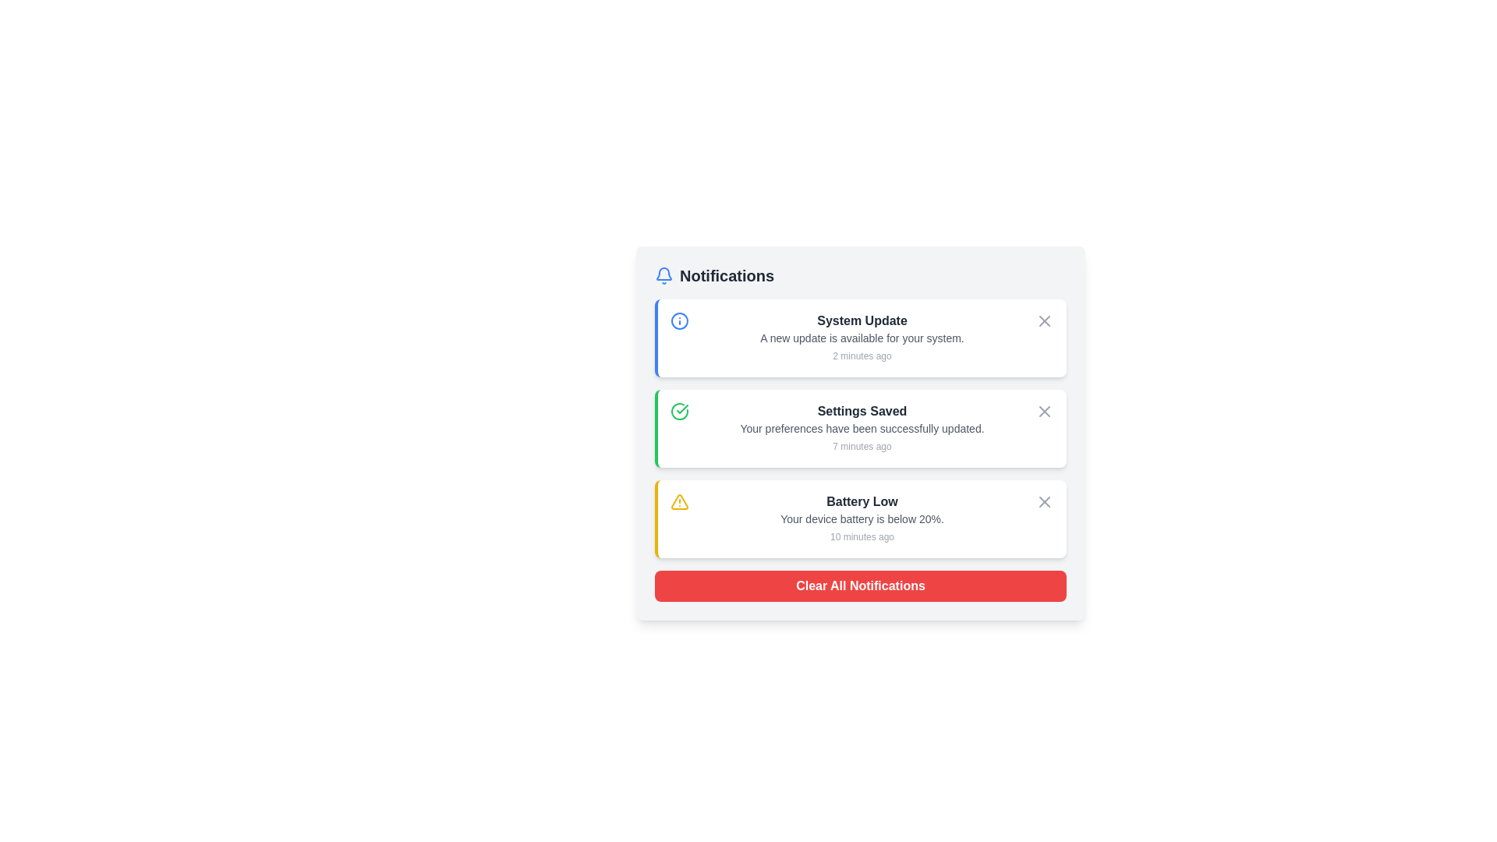  Describe the element at coordinates (861, 338) in the screenshot. I see `the static text element that displays the message 'A new update is available for your system.' located beneath the 'System Update' header in the notification card` at that location.